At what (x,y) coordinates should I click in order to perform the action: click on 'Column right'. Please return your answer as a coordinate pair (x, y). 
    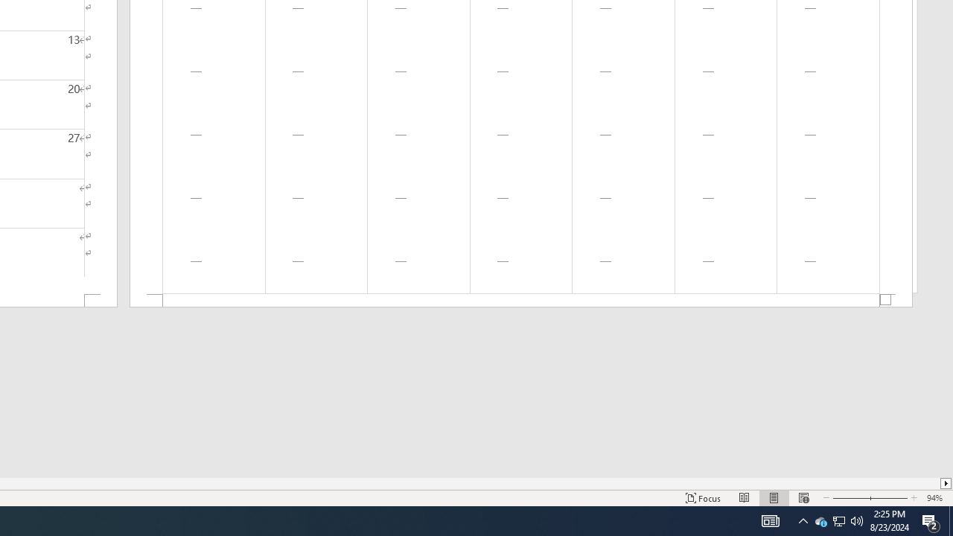
    Looking at the image, I should click on (946, 483).